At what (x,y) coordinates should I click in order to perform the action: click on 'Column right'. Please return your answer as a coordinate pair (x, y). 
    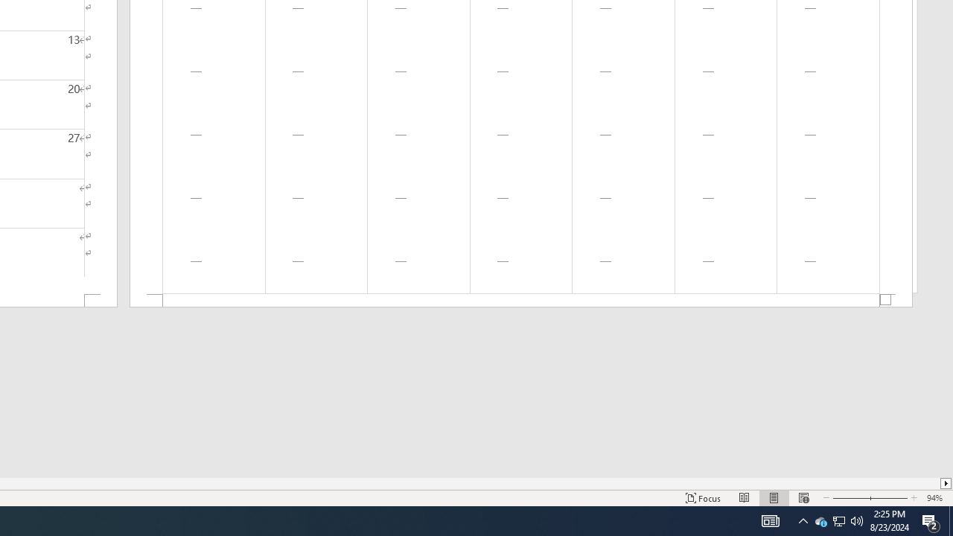
    Looking at the image, I should click on (946, 483).